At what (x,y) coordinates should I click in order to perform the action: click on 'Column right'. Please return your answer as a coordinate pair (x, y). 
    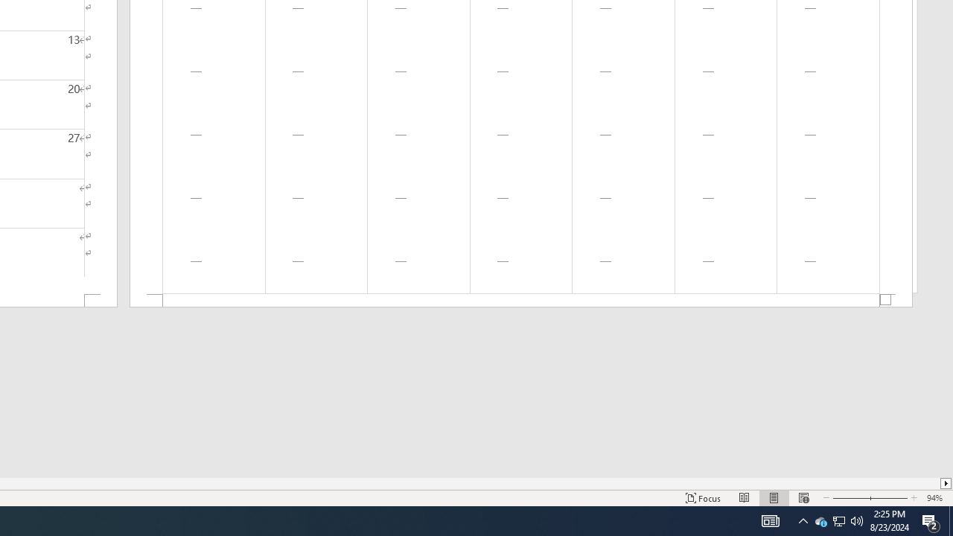
    Looking at the image, I should click on (946, 483).